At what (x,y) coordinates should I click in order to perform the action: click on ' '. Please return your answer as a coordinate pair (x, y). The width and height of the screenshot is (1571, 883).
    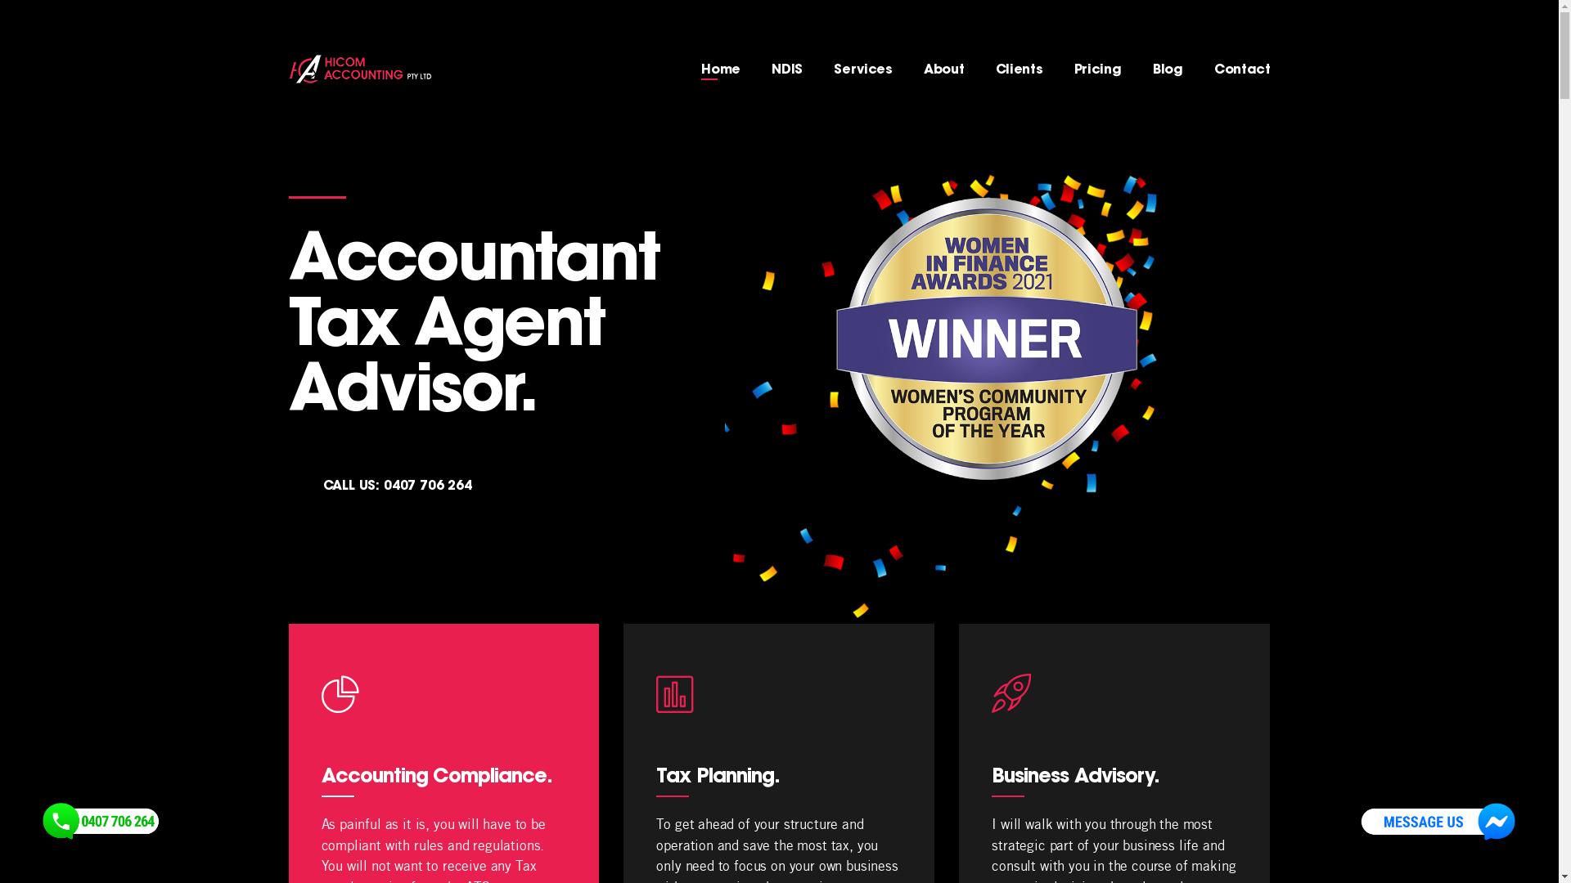
    Looking at the image, I should click on (407, 68).